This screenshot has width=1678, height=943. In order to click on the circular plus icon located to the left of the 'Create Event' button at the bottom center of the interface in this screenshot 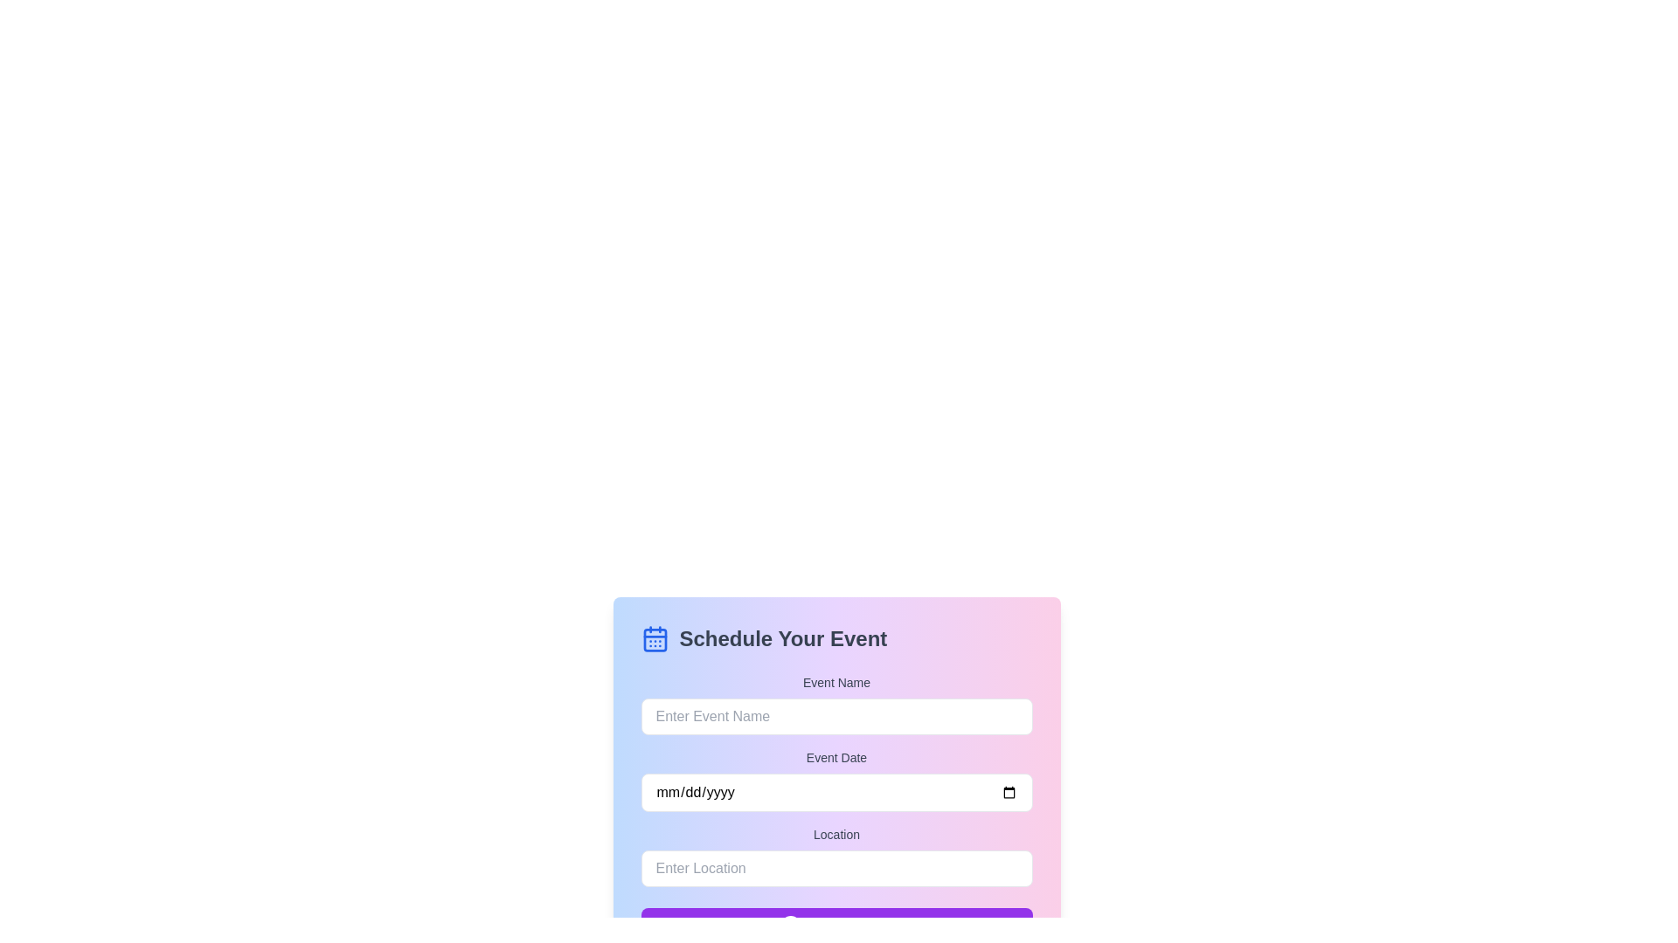, I will do `click(789, 925)`.